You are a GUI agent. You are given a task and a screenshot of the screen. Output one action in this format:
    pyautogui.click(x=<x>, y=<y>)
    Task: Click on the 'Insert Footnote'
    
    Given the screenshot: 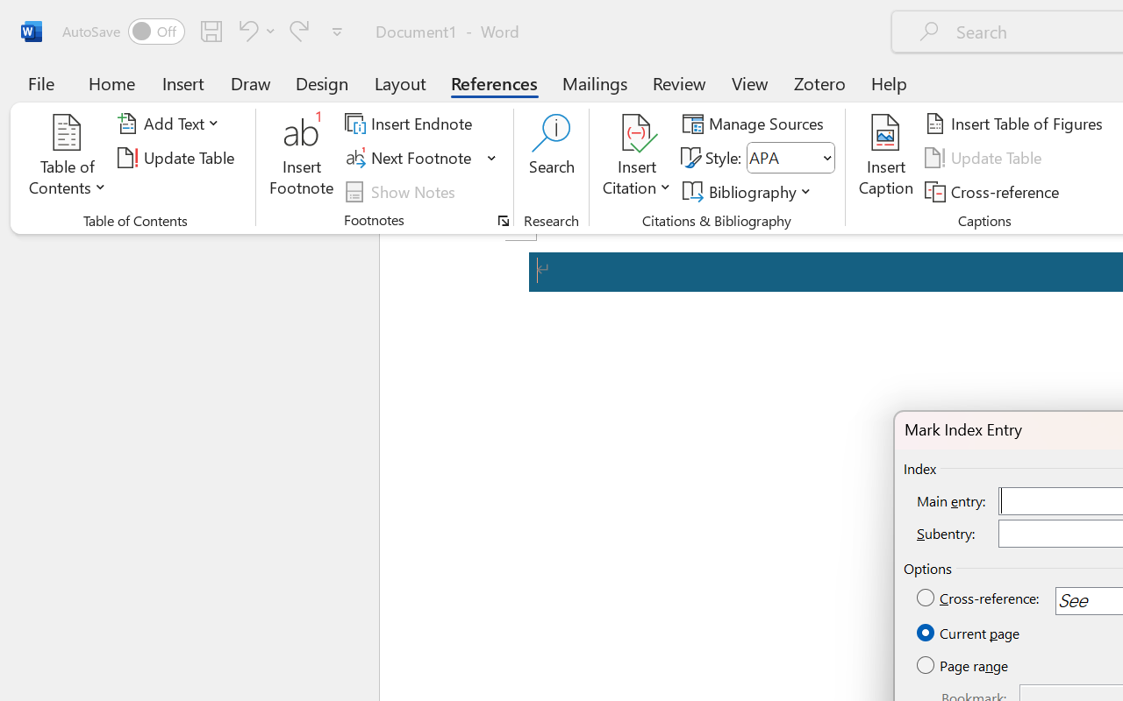 What is the action you would take?
    pyautogui.click(x=302, y=157)
    